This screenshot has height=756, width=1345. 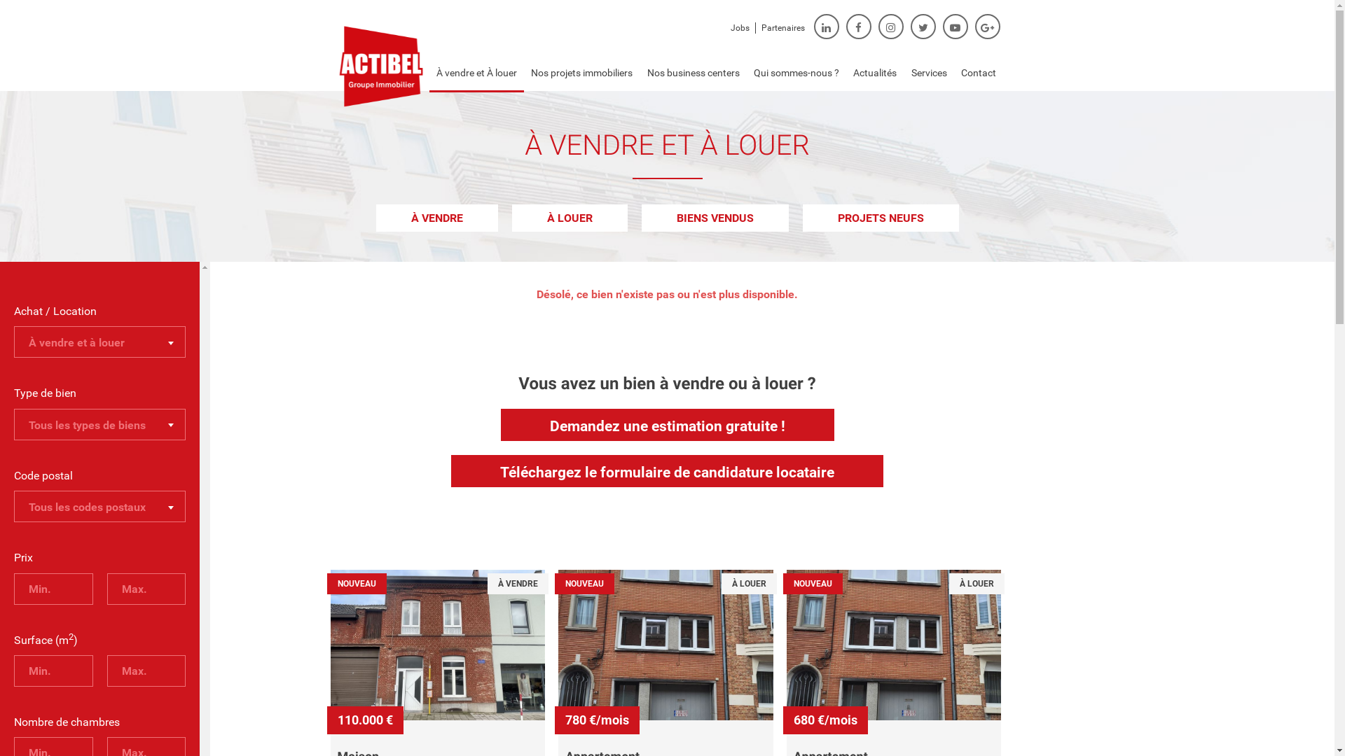 I want to click on 'Twitter', so click(x=923, y=27).